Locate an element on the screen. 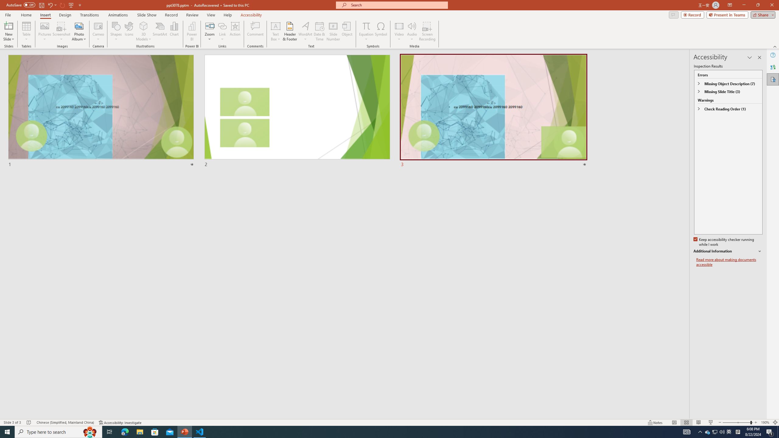  'Icons' is located at coordinates (129, 31).